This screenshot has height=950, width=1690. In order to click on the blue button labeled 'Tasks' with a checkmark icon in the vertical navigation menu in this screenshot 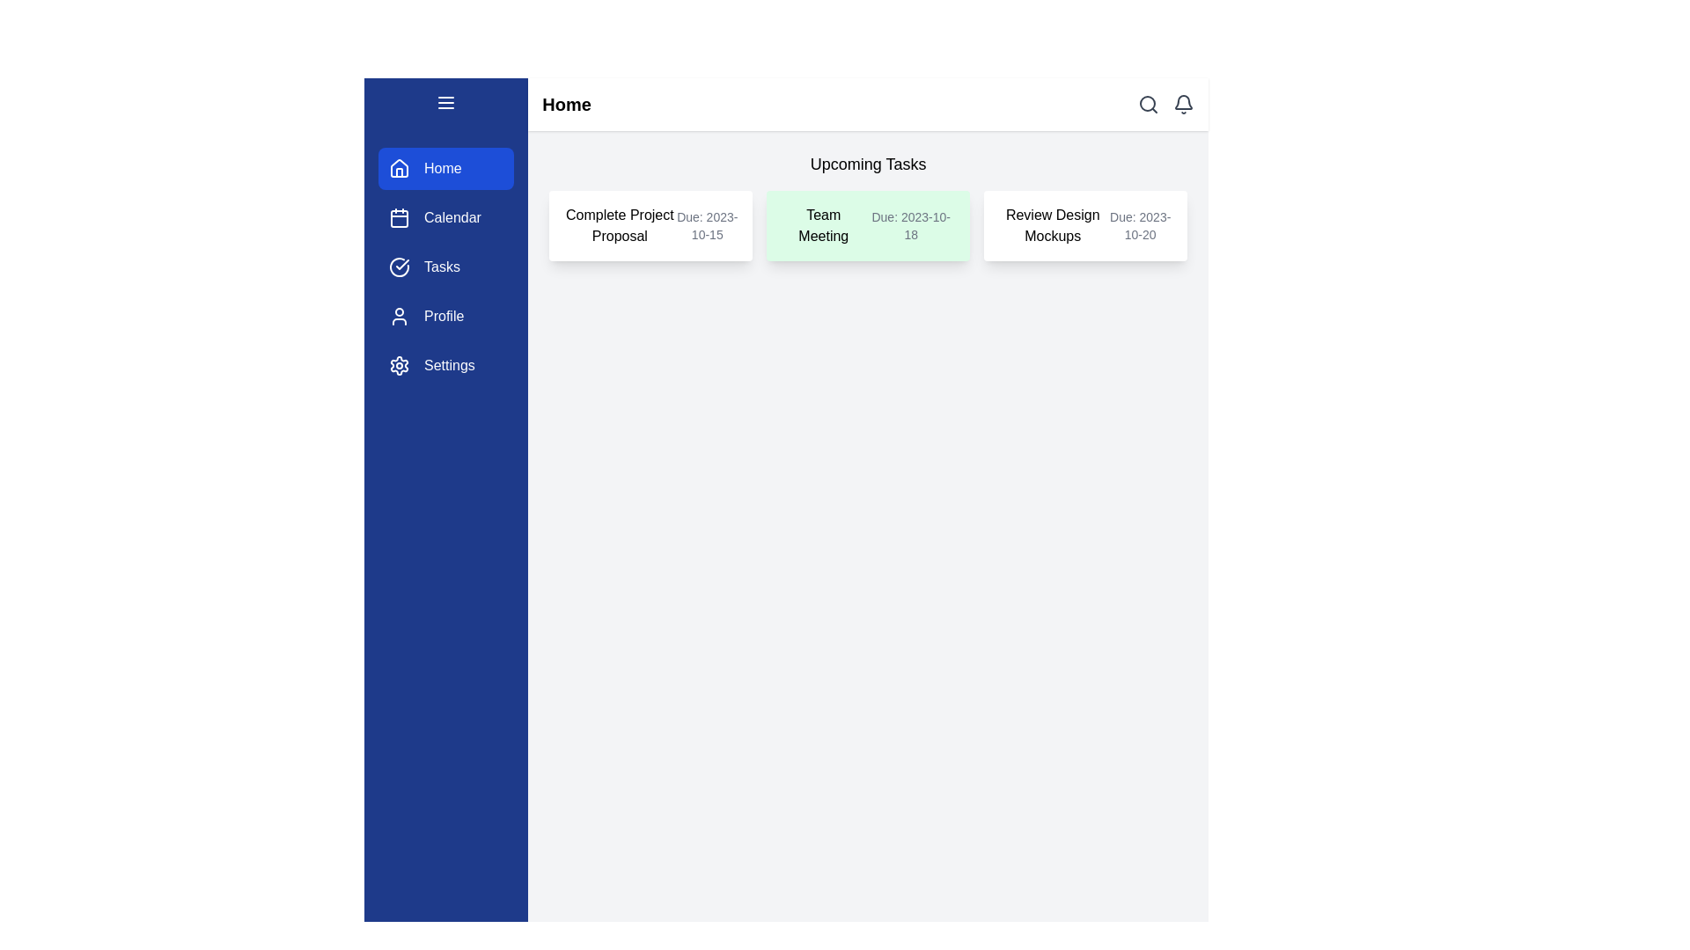, I will do `click(446, 267)`.